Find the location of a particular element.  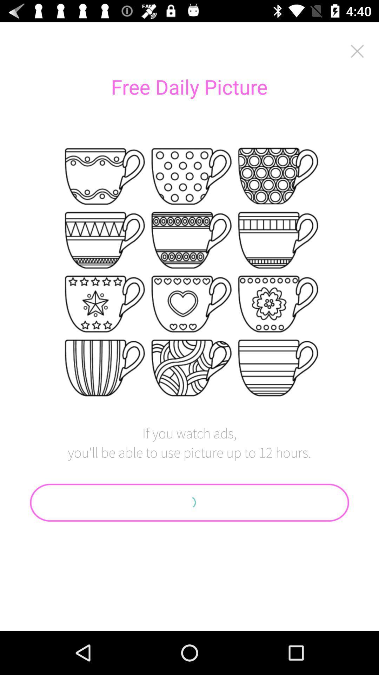

the icon next to free daily picture item is located at coordinates (357, 51).